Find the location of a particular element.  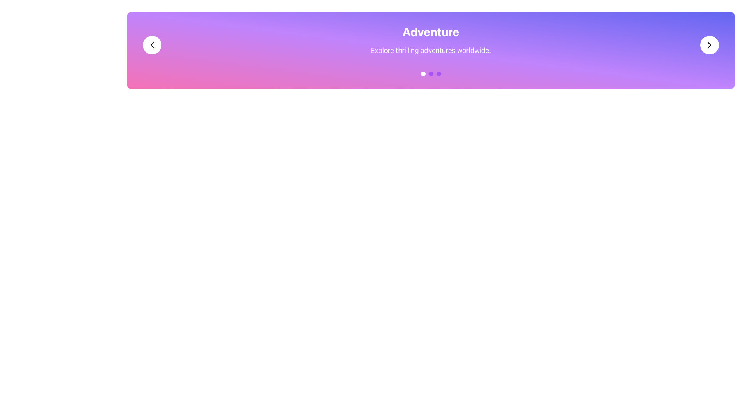

the text block containing the phrase 'Explore thrilling adventures worldwide.', which is styled with a large white font and located below the 'Adventure' heading is located at coordinates (430, 51).